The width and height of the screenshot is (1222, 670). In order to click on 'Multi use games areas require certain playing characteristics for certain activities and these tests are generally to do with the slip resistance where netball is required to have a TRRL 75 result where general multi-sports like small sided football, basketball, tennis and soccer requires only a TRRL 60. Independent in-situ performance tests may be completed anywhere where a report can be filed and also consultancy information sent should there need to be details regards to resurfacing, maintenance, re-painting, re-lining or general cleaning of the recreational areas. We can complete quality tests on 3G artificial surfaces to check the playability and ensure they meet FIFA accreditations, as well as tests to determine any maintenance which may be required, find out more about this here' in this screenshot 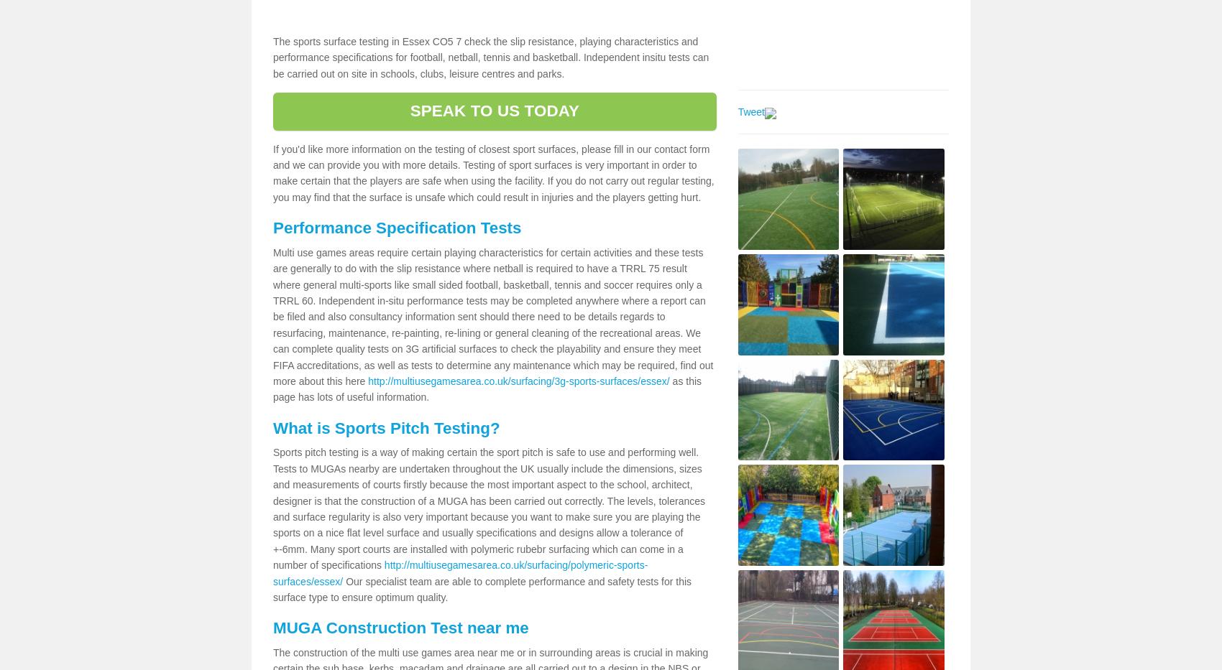, I will do `click(492, 315)`.